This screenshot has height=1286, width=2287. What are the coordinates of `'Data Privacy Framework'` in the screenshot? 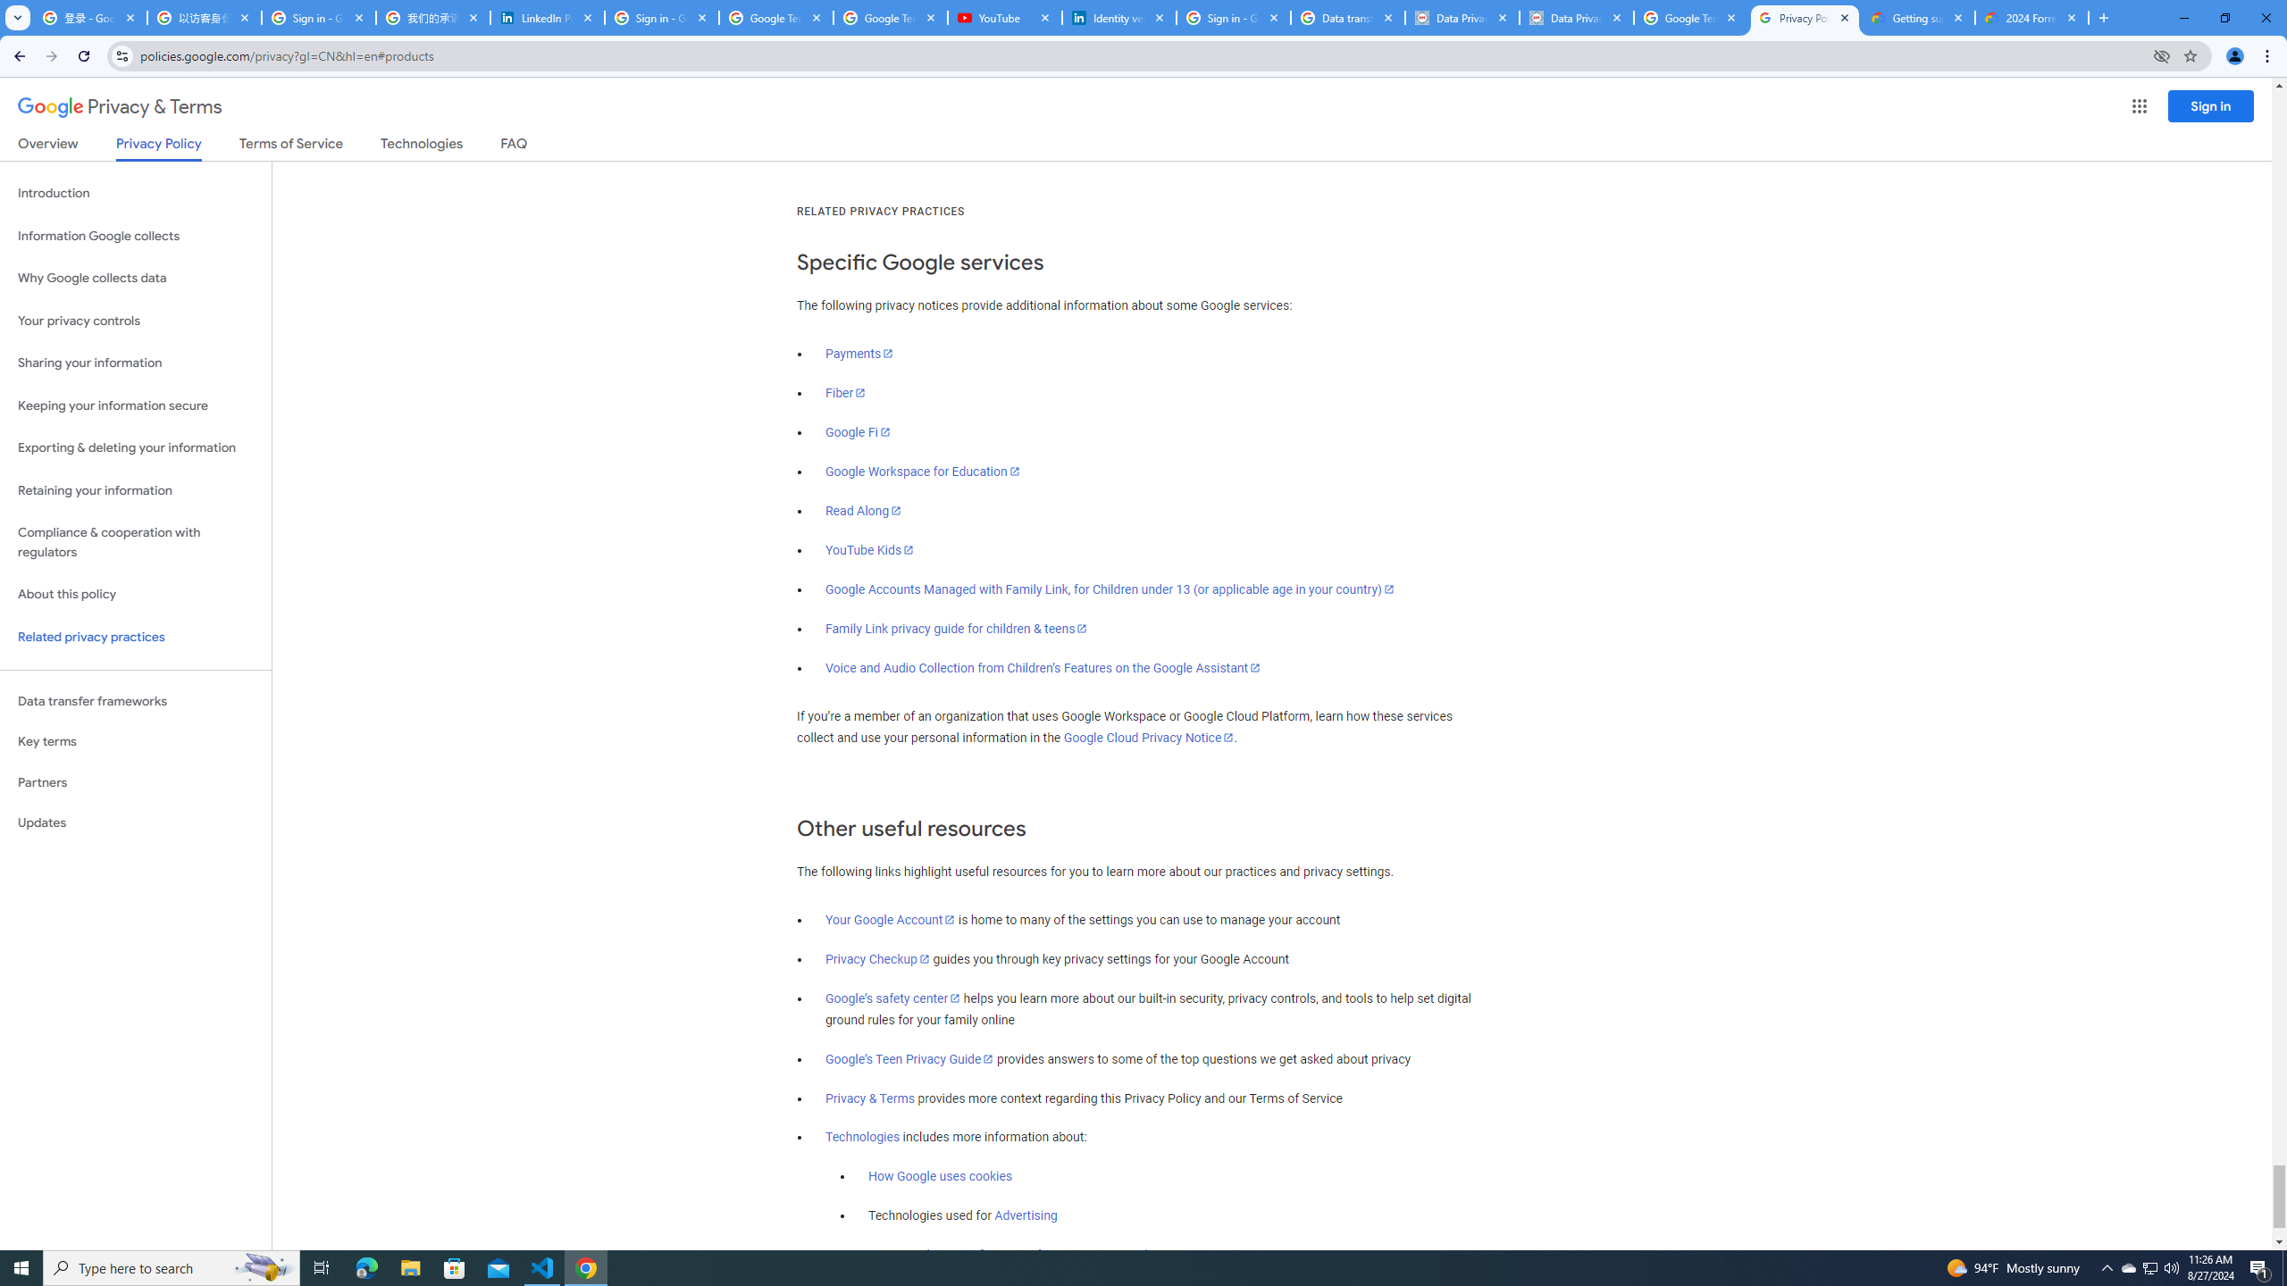 It's located at (1577, 17).